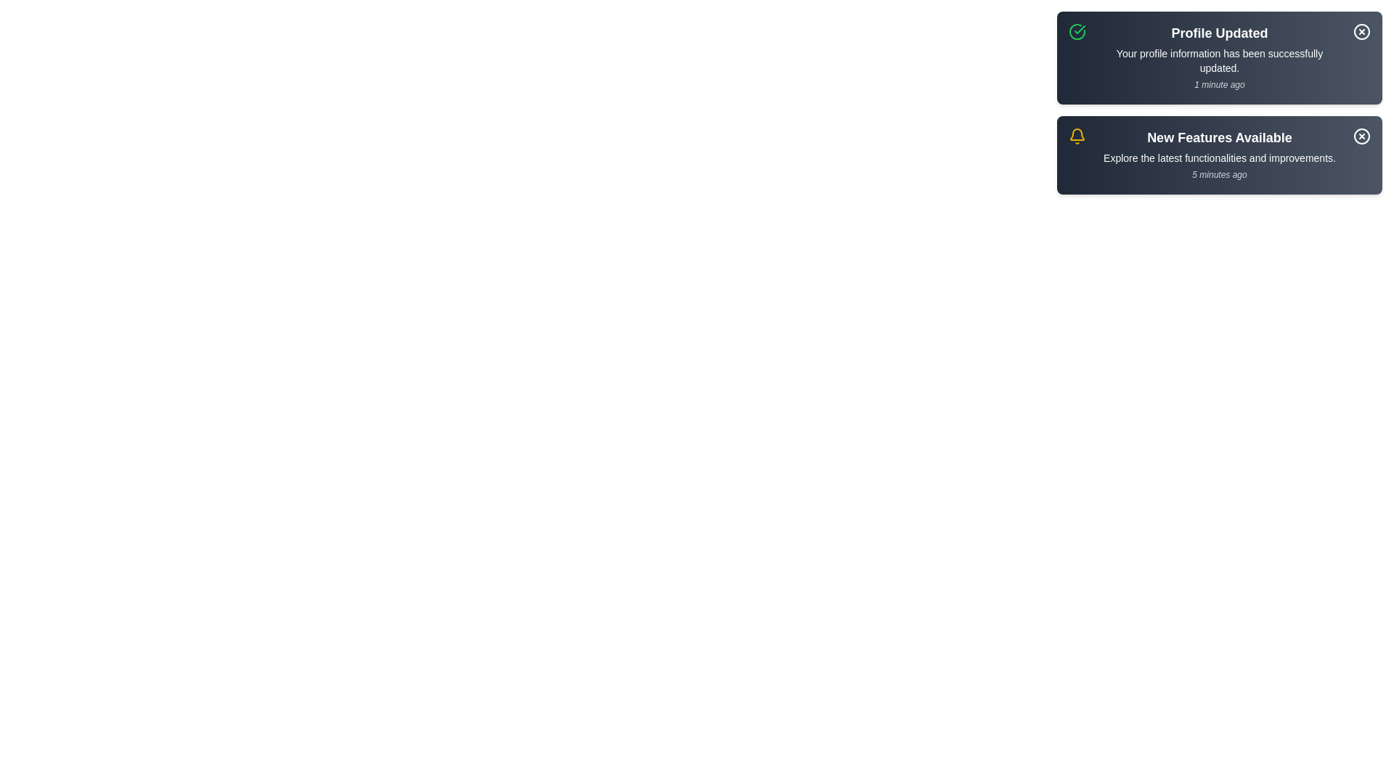 The height and width of the screenshot is (784, 1394). What do you see at coordinates (1220, 57) in the screenshot?
I see `the notification titled 'Profile Updated' to read its details` at bounding box center [1220, 57].